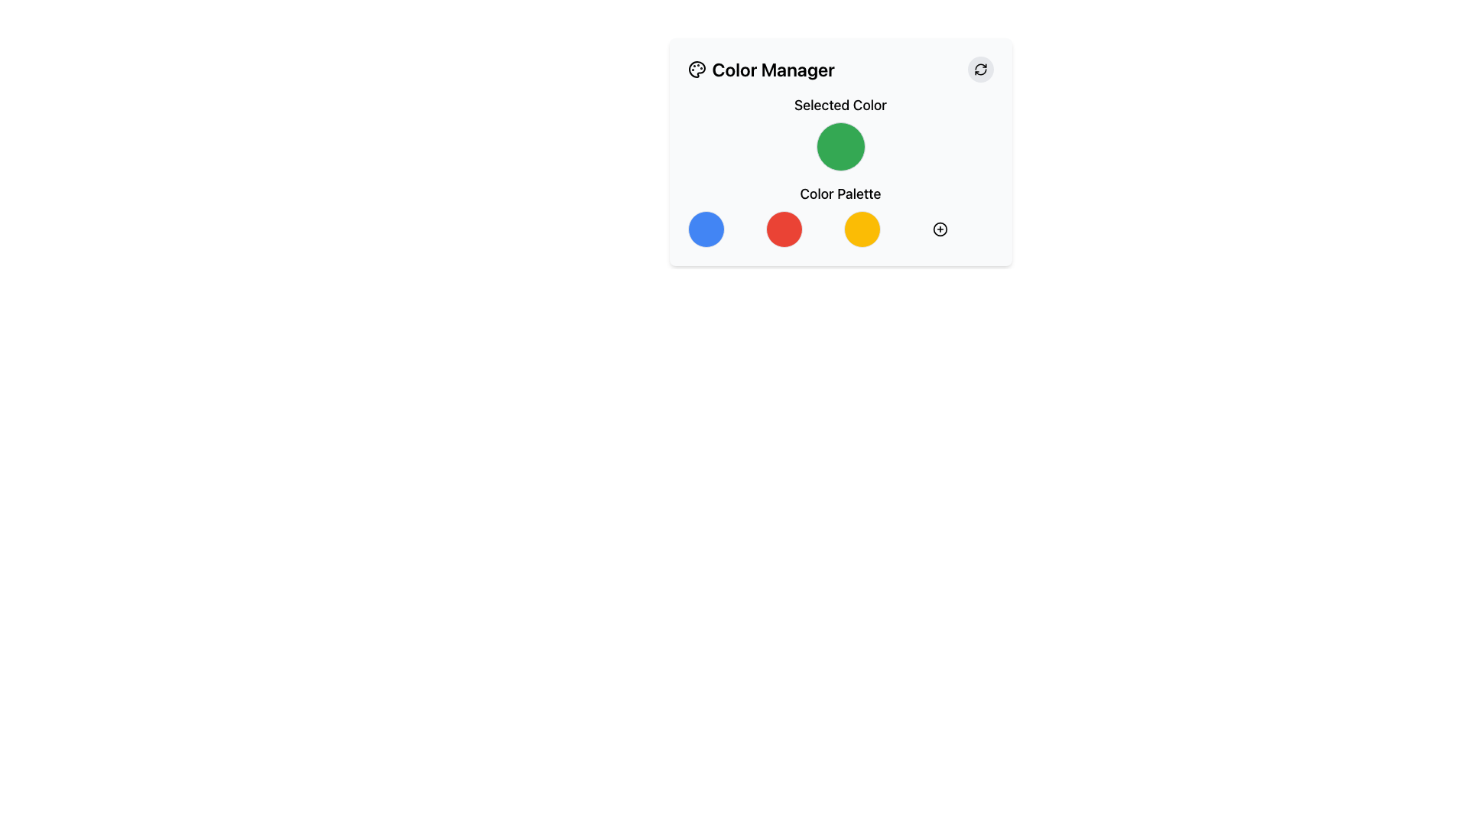 Image resolution: width=1468 pixels, height=826 pixels. Describe the element at coordinates (980, 70) in the screenshot. I see `the circular refresh icon button located in the upper-right corner of the 'Color Manager' card` at that location.